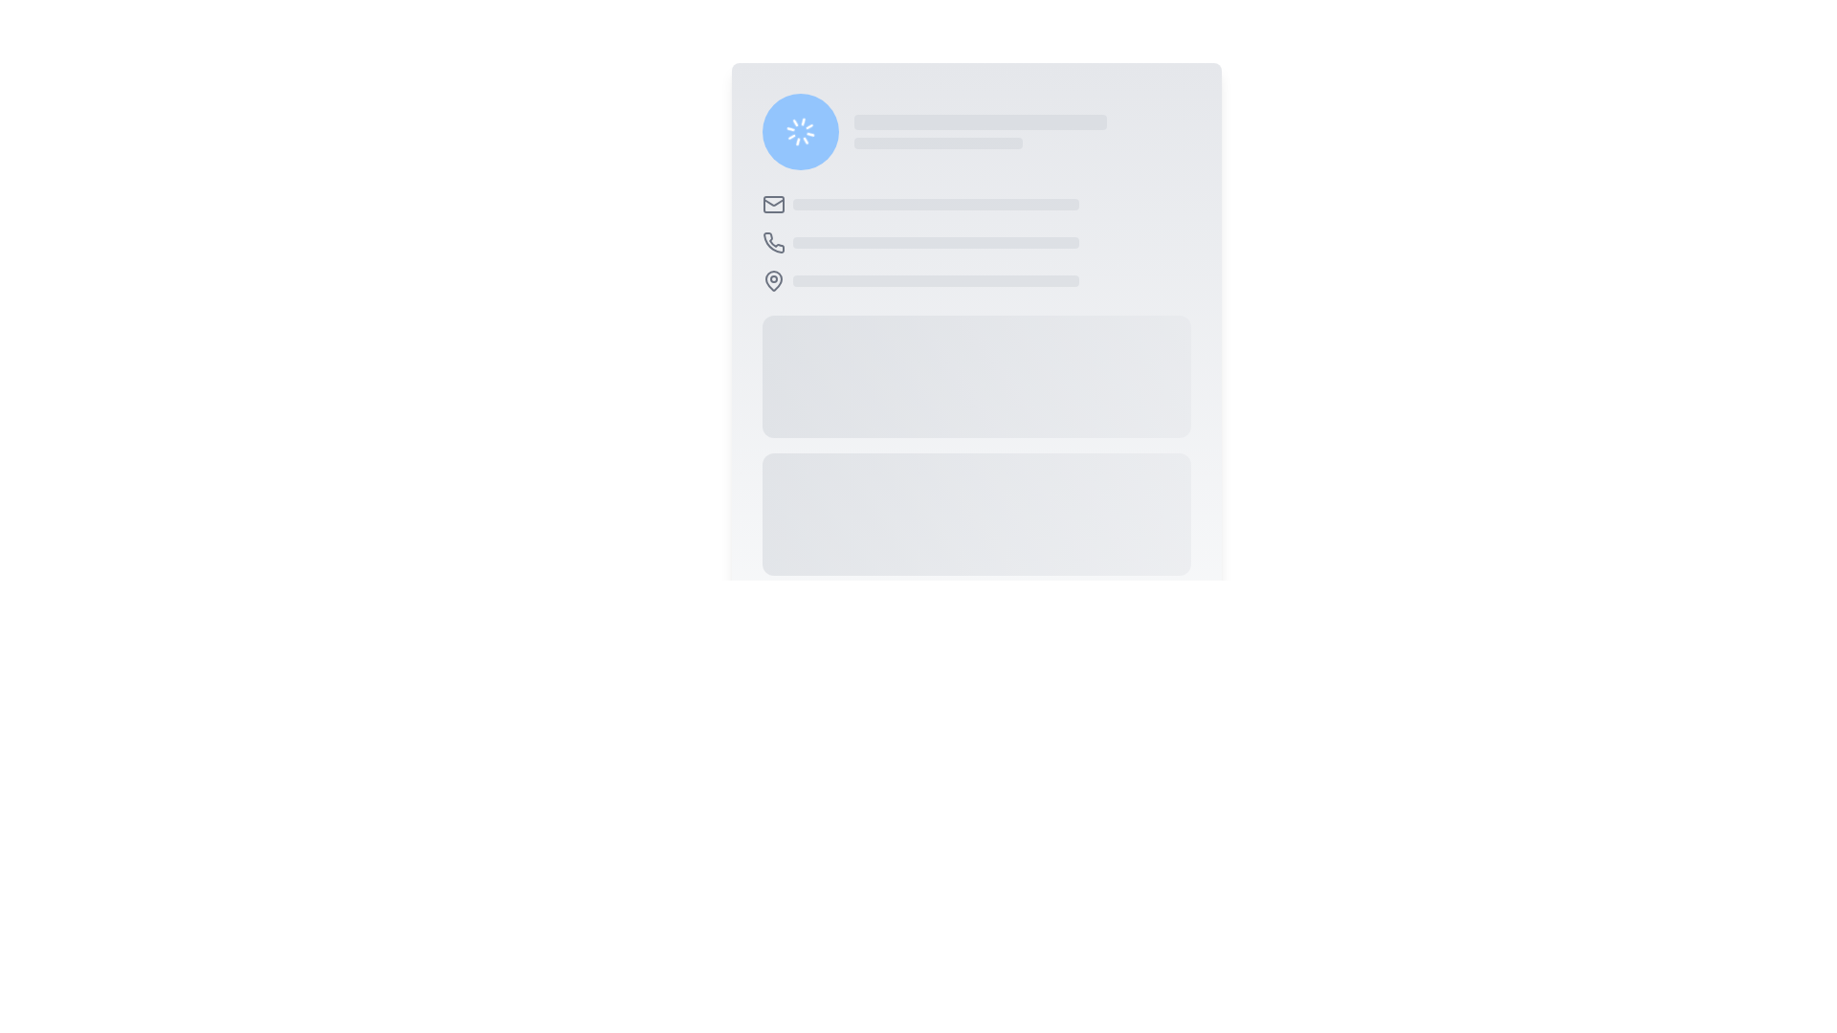  I want to click on the second placeholder block, which has a smooth rectangular shape with rounded corners and a gradient background from light gray to medium gray, so click(976, 513).